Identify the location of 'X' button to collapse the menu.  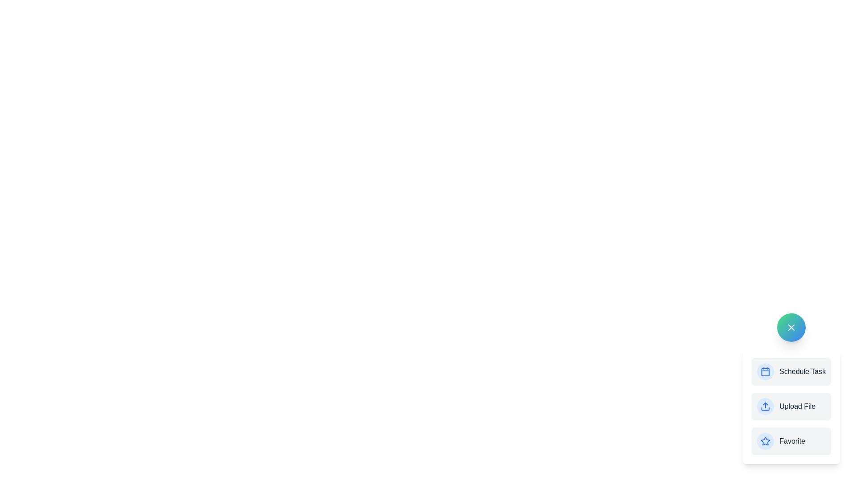
(791, 327).